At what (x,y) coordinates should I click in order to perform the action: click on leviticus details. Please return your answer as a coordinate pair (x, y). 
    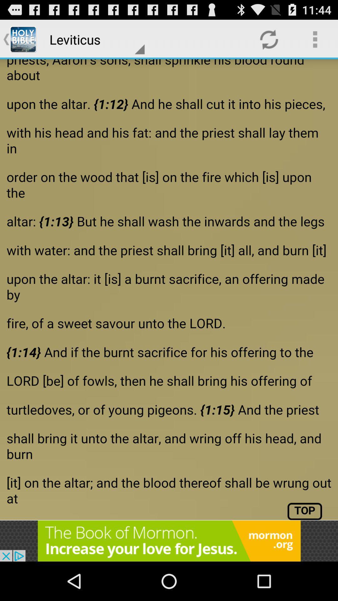
    Looking at the image, I should click on (169, 289).